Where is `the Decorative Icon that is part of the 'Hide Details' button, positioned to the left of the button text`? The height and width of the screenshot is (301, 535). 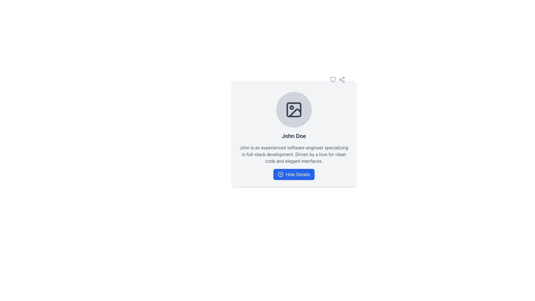
the Decorative Icon that is part of the 'Hide Details' button, positioned to the left of the button text is located at coordinates (281, 174).